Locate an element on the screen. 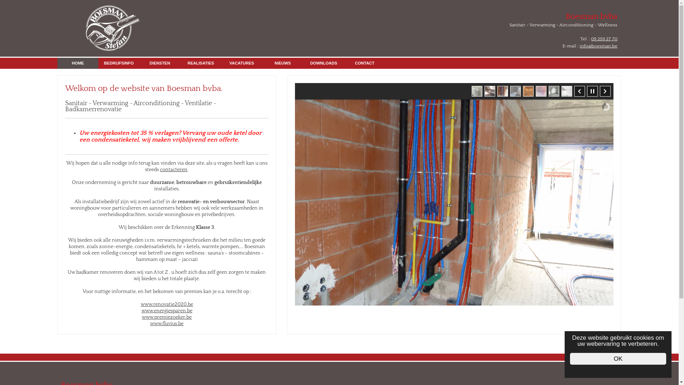 The image size is (684, 385). 'www.energiesparen.be' is located at coordinates (166, 310).